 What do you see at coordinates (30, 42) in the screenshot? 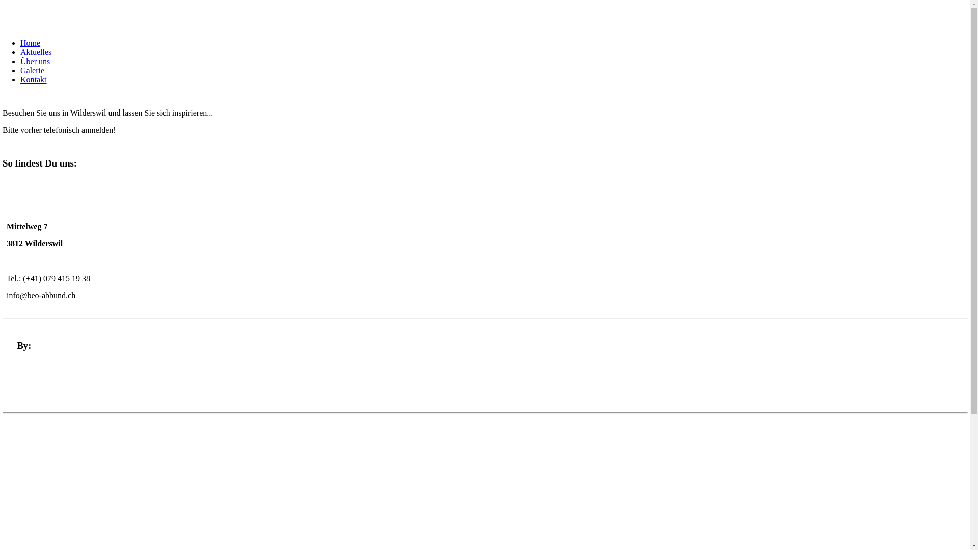
I see `'Home'` at bounding box center [30, 42].